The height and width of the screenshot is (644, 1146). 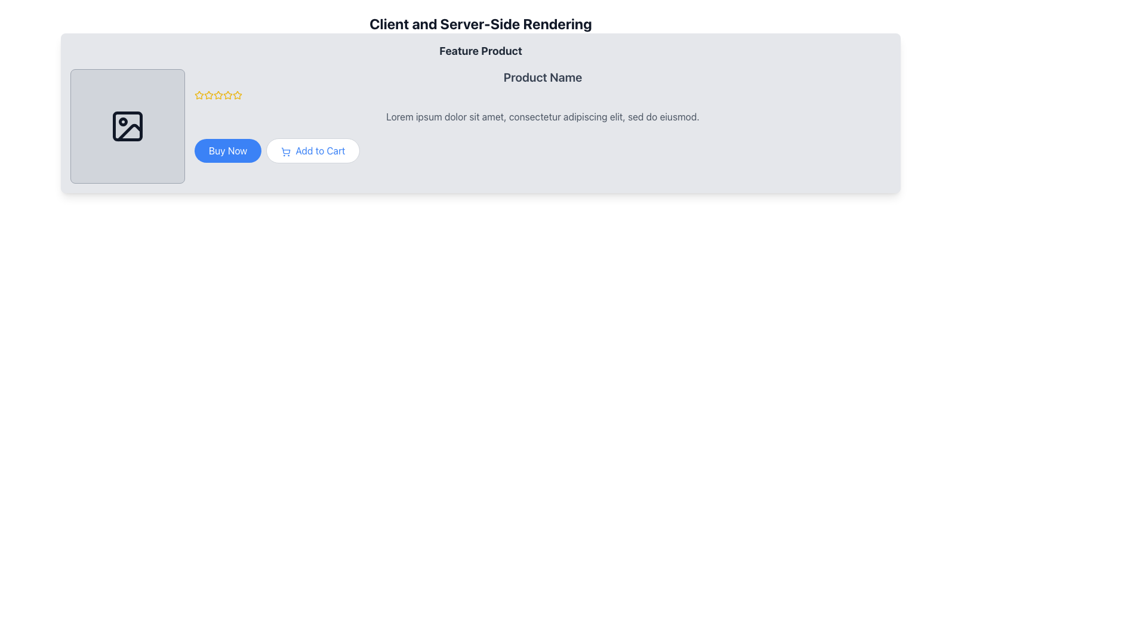 What do you see at coordinates (228, 94) in the screenshot?
I see `the 6th golden star icon with a hollow center and sharp tips located in the rating section of the product display` at bounding box center [228, 94].